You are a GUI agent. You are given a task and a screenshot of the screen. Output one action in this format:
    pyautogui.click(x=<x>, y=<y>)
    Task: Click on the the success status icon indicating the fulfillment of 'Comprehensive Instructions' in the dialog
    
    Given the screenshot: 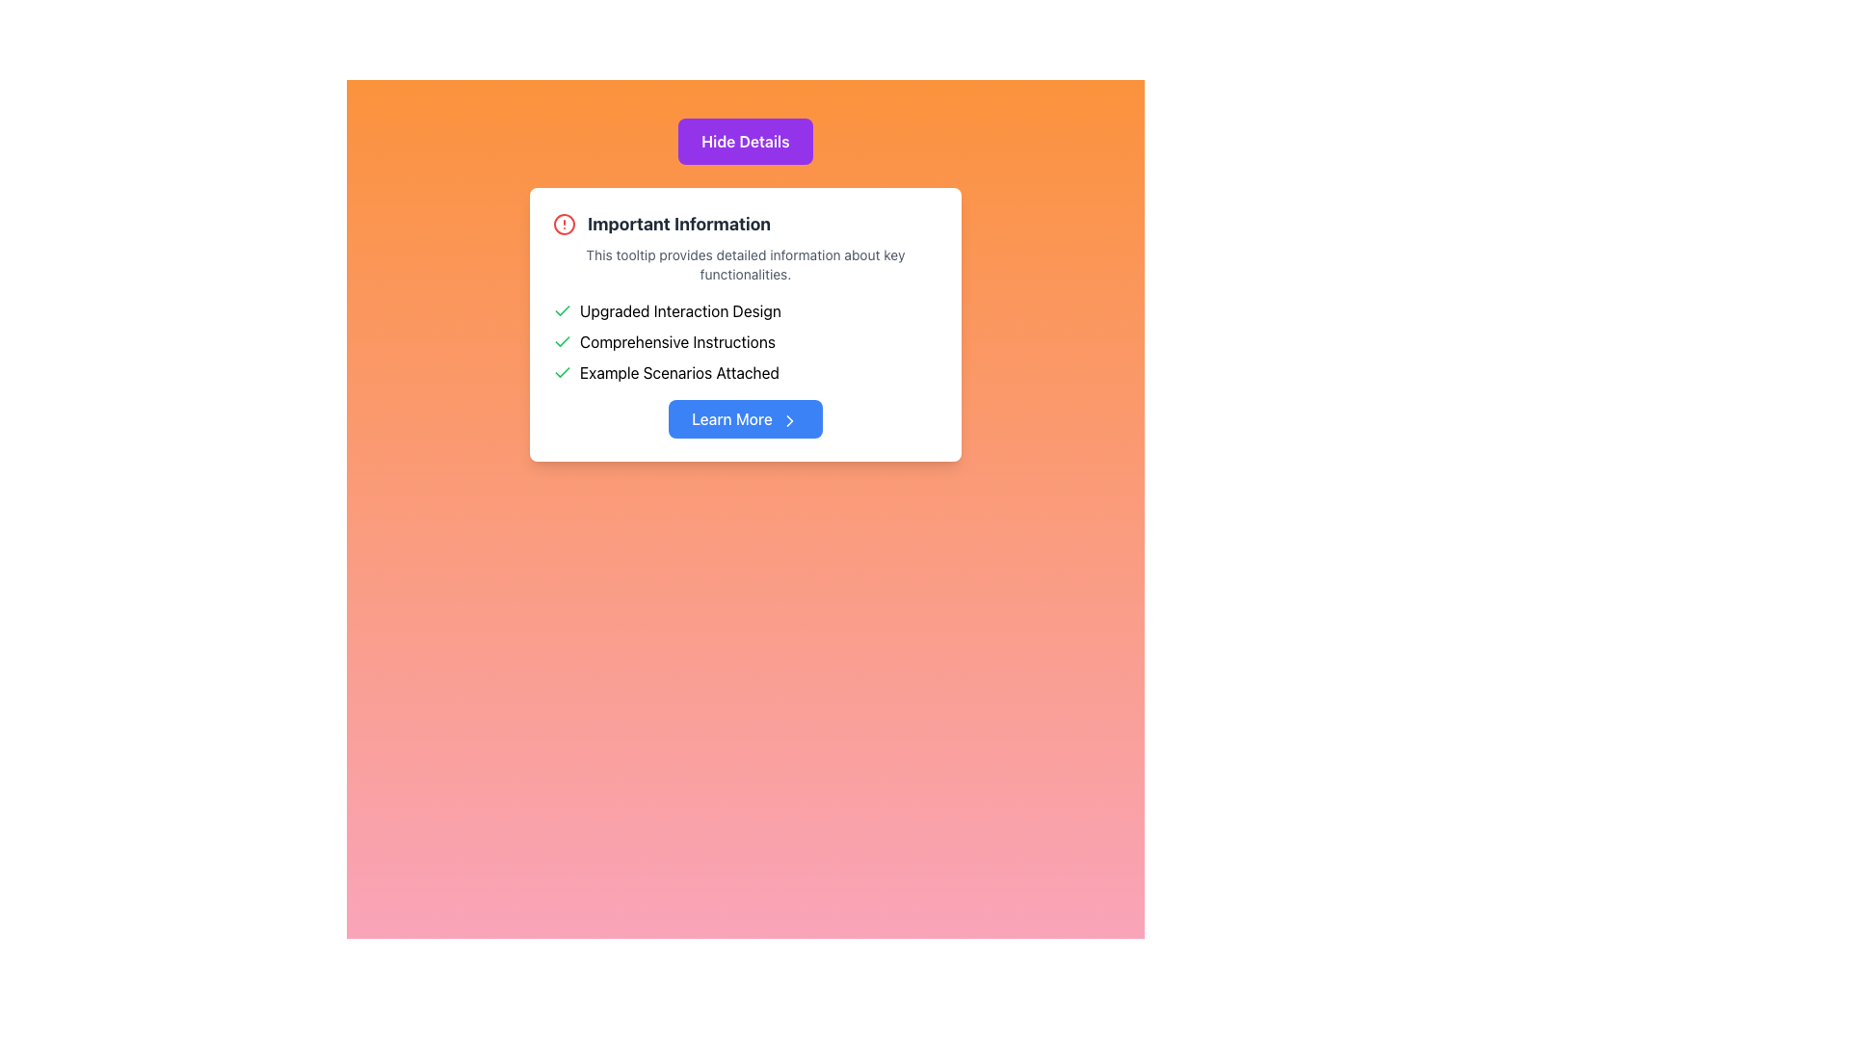 What is the action you would take?
    pyautogui.click(x=562, y=340)
    